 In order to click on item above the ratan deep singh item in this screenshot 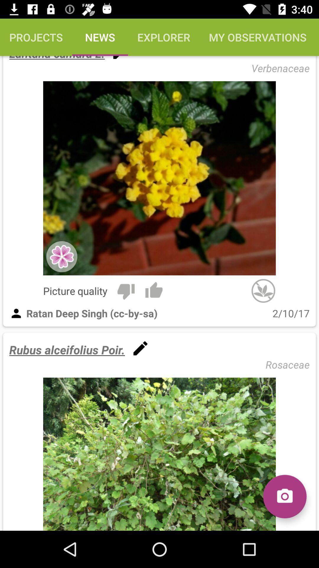, I will do `click(126, 291)`.